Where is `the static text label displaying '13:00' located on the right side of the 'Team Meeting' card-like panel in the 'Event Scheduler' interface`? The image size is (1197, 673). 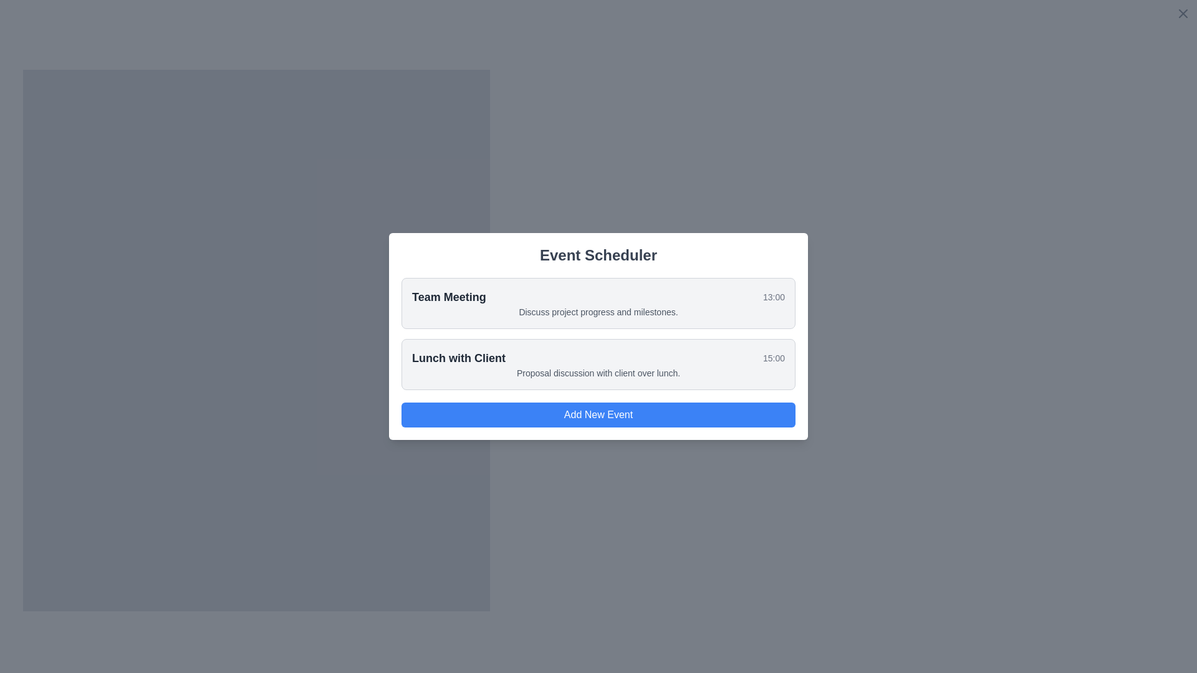 the static text label displaying '13:00' located on the right side of the 'Team Meeting' card-like panel in the 'Event Scheduler' interface is located at coordinates (773, 297).